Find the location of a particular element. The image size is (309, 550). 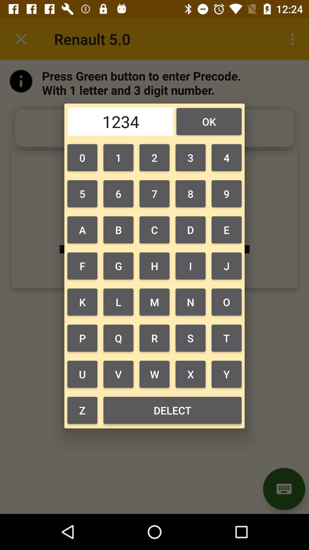

the button below the 0 icon is located at coordinates (118, 194).